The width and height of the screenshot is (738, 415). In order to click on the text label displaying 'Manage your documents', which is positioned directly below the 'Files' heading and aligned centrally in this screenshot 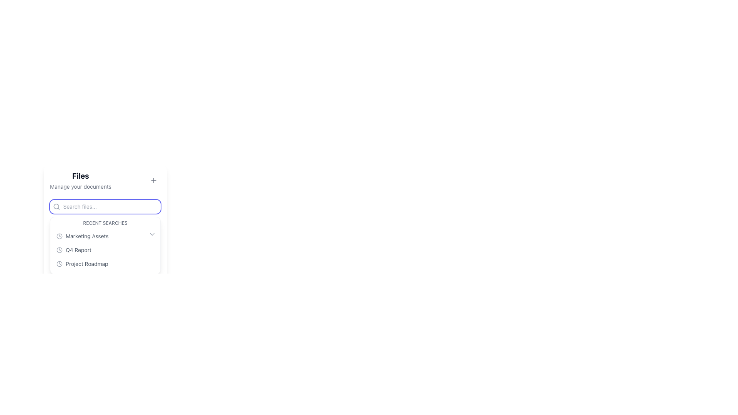, I will do `click(80, 187)`.